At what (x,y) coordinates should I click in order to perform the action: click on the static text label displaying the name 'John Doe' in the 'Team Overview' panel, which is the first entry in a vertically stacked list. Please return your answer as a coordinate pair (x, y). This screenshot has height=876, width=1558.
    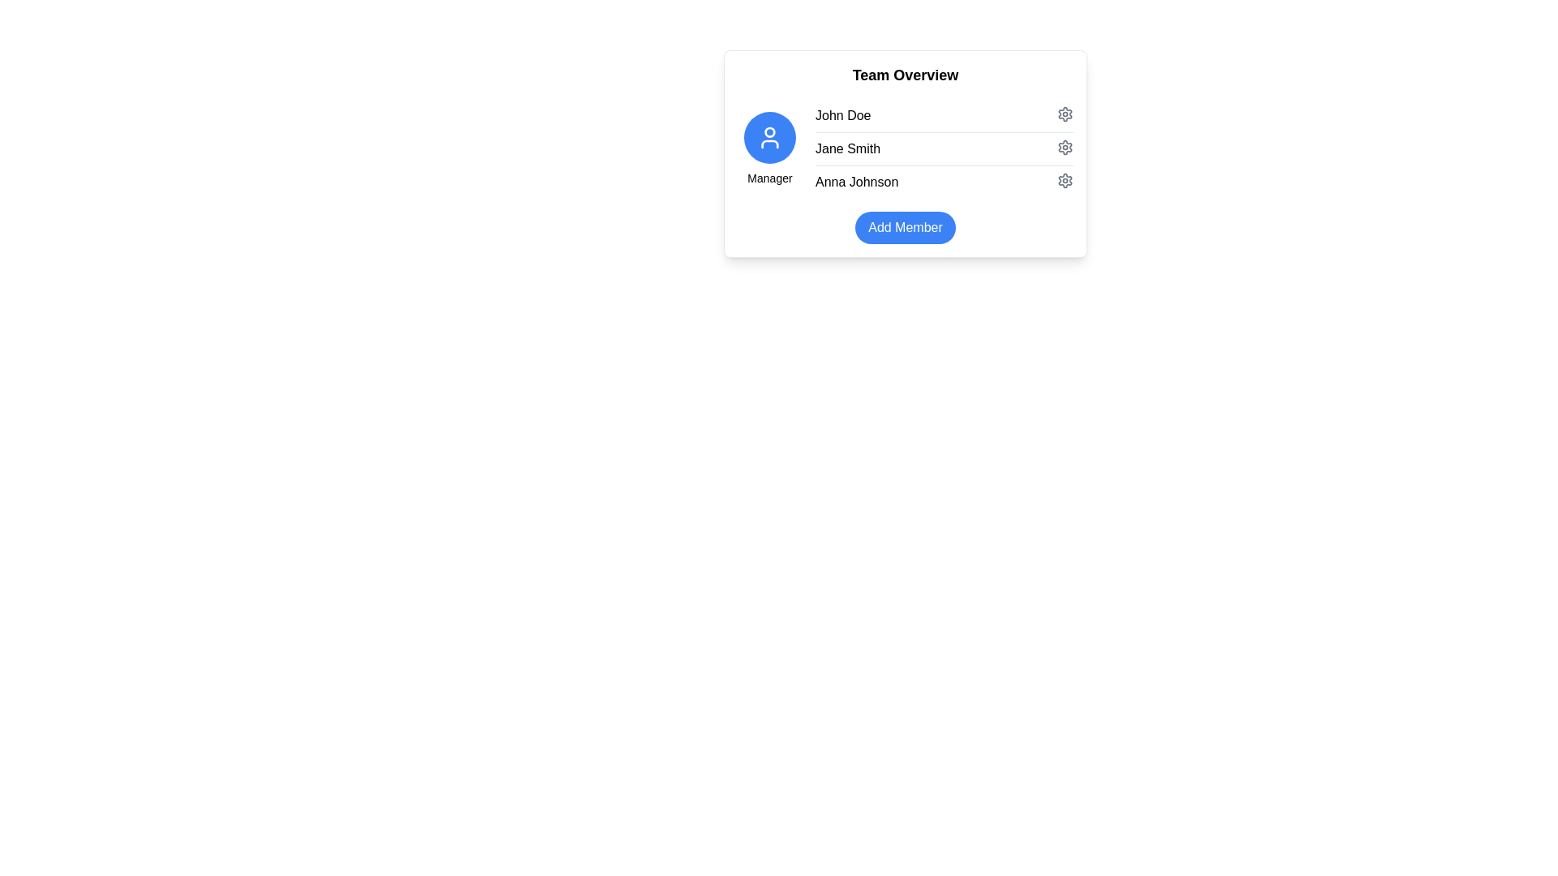
    Looking at the image, I should click on (843, 114).